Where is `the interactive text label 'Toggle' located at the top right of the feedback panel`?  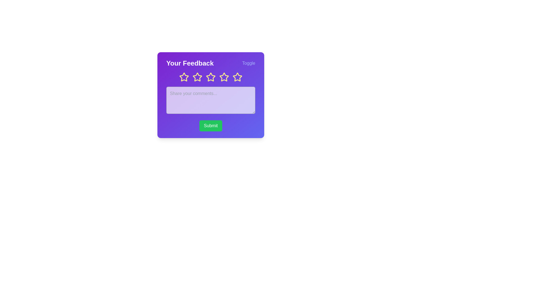 the interactive text label 'Toggle' located at the top right of the feedback panel is located at coordinates (248, 63).